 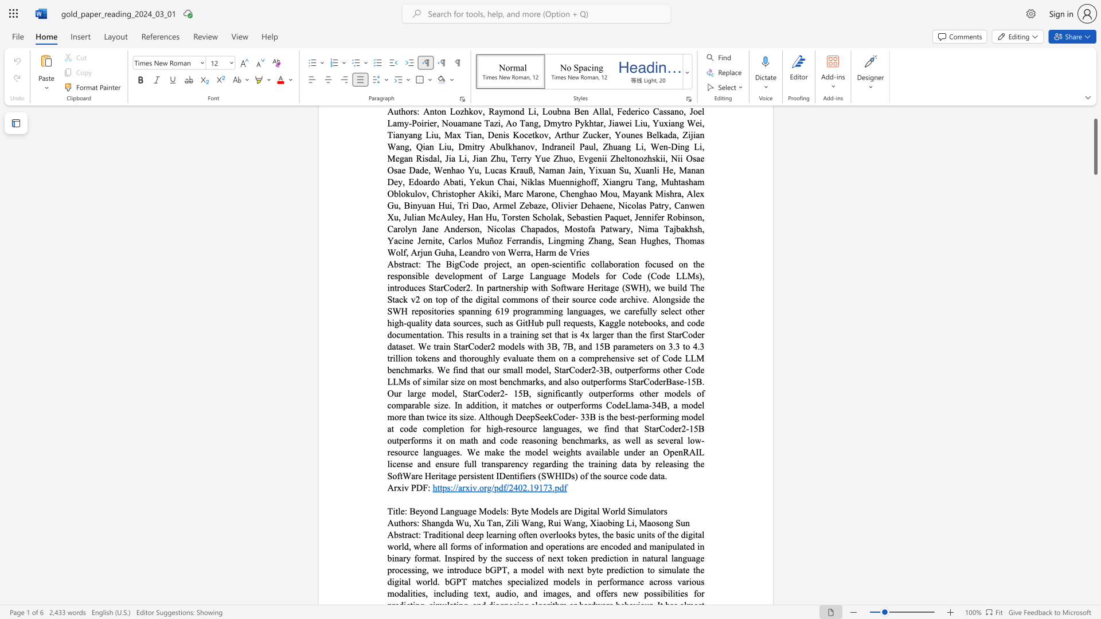 I want to click on the right-hand scrollbar to descend the page, so click(x=1095, y=263).